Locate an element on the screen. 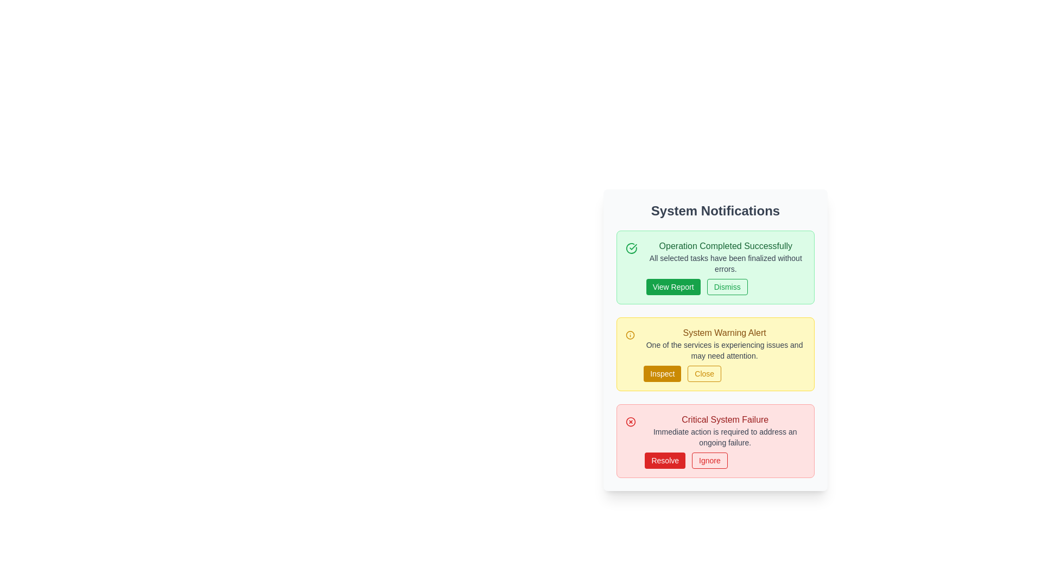 The height and width of the screenshot is (586, 1042). the text label that reads 'Immediate action is required to address an ongoing failure', which is styled with a smaller gray font and positioned below the heading 'Critical System Failure' is located at coordinates (725, 437).